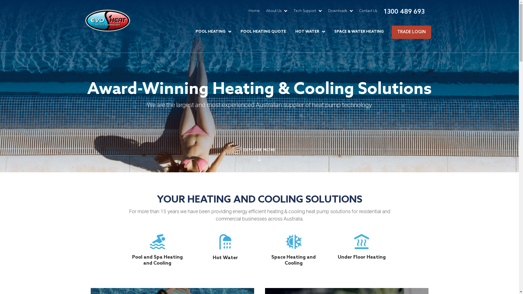  I want to click on 'Hot Water', so click(212, 258).